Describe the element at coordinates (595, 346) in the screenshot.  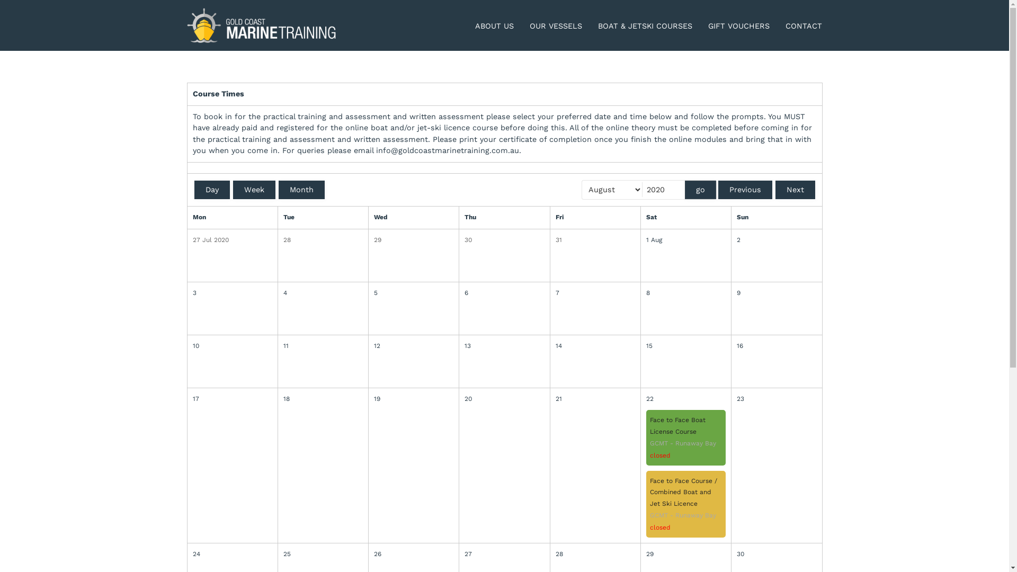
I see `'14'` at that location.